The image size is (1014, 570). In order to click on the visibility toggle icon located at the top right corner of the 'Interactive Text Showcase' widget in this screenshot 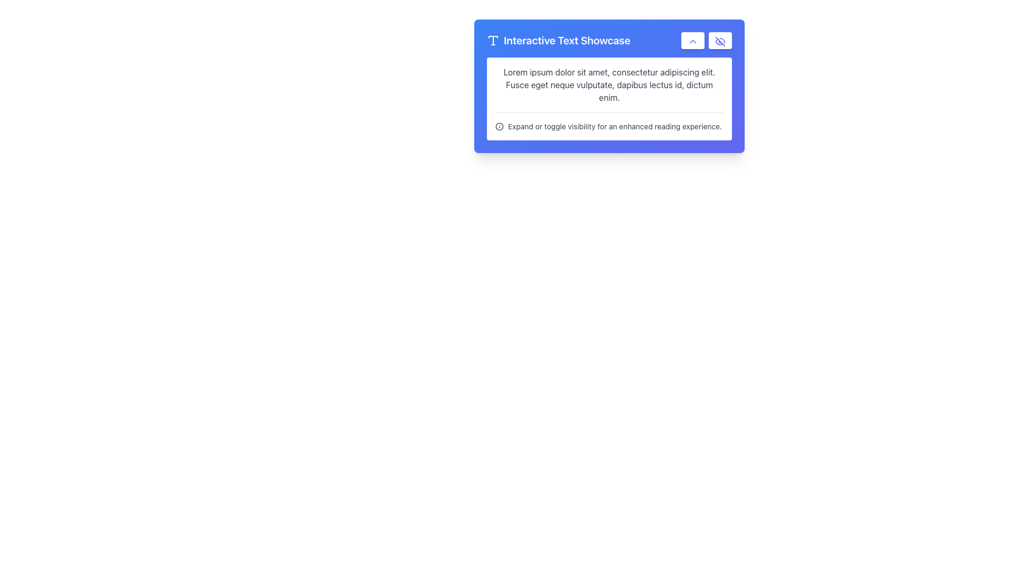, I will do `click(719, 40)`.